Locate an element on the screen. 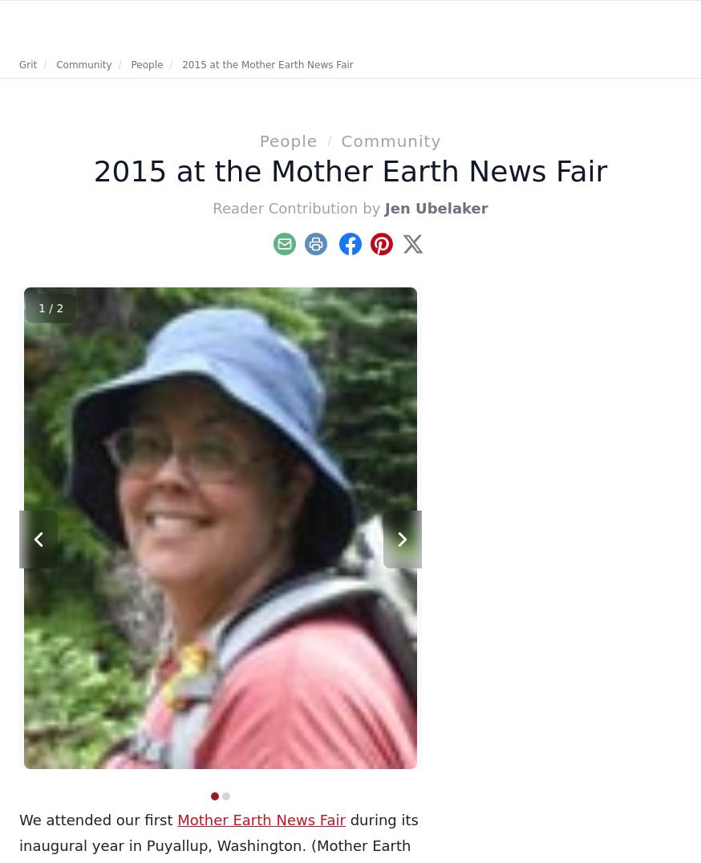 The width and height of the screenshot is (701, 863). 'Retractable PVC Hoop House' is located at coordinates (579, 506).